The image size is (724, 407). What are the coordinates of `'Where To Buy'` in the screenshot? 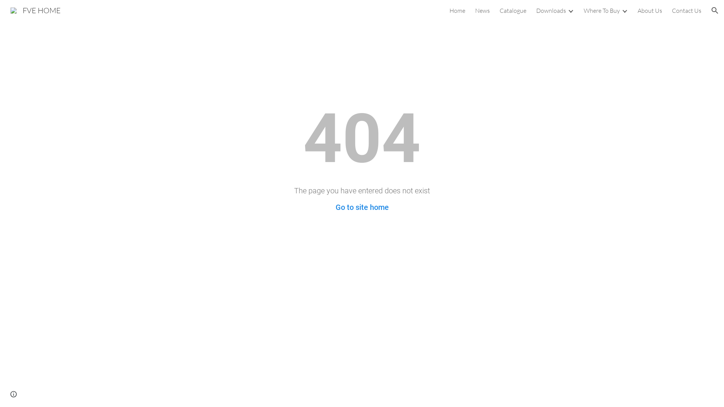 It's located at (601, 10).